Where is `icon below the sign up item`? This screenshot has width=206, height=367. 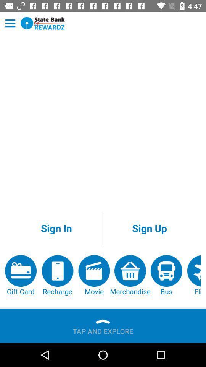 icon below the sign up item is located at coordinates (130, 275).